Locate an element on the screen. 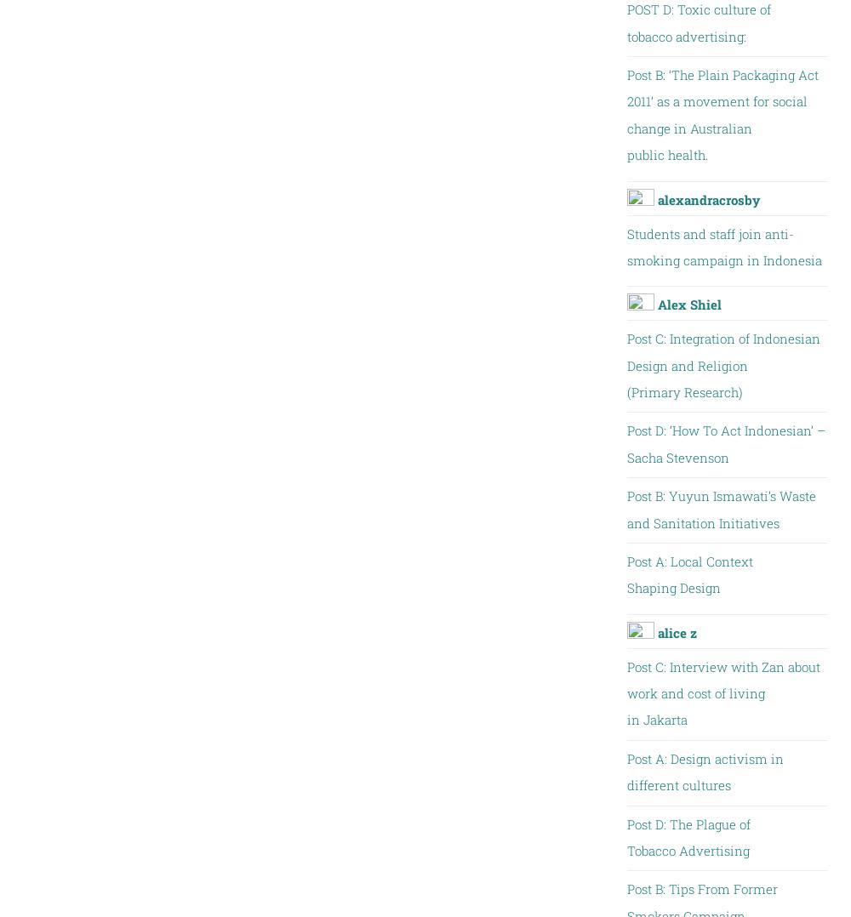 Image resolution: width=851 pixels, height=917 pixels. 'Post D: The Plague of Tobacco Advertising' is located at coordinates (688, 836).